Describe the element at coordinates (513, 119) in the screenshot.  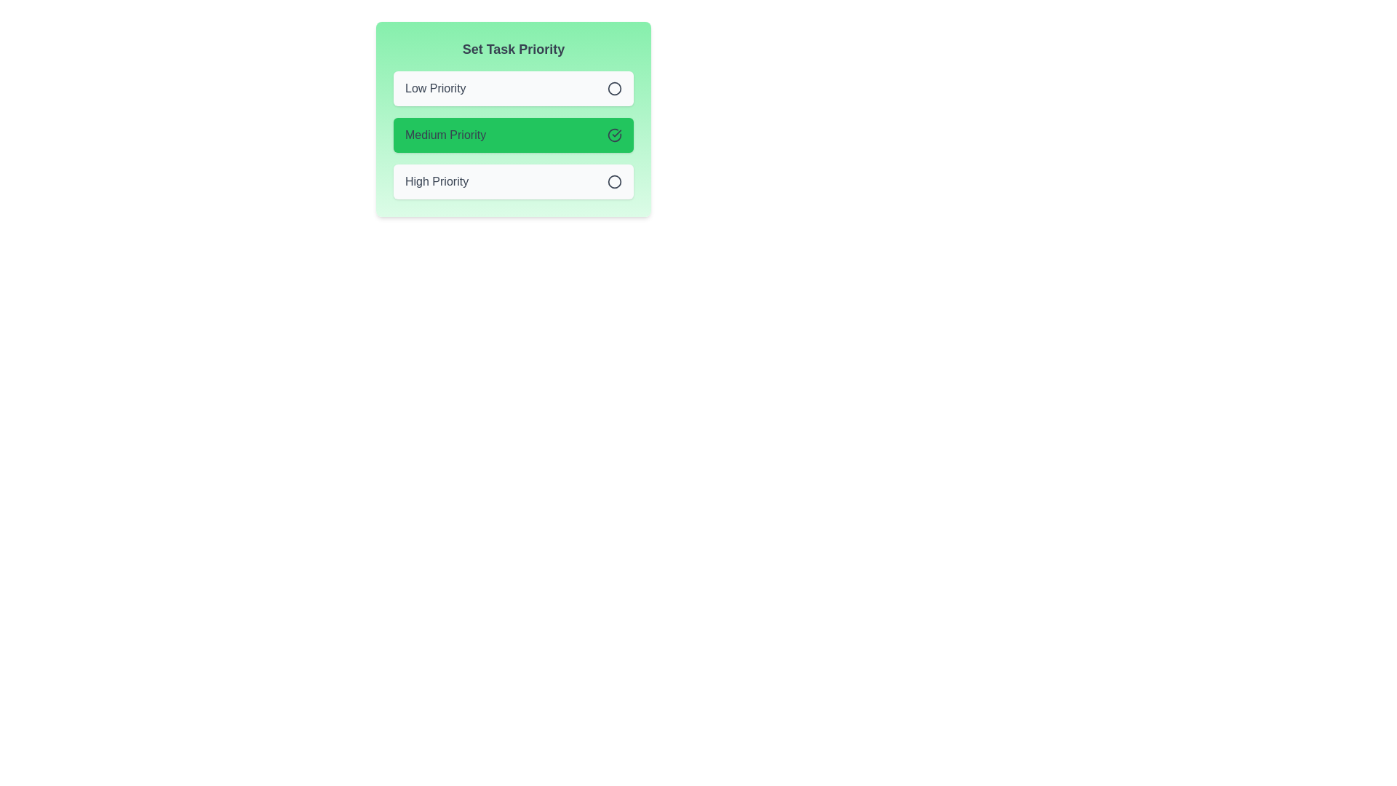
I see `the selectable list item with a green background labeled 'Medium Priority'` at that location.